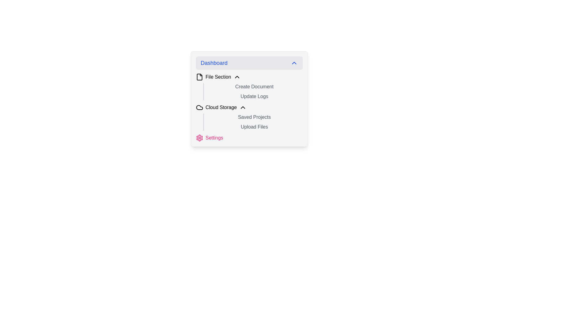 The image size is (586, 329). I want to click on the upward arrow toggle icon located to the right of the 'Cloud Storage' text, so click(242, 107).